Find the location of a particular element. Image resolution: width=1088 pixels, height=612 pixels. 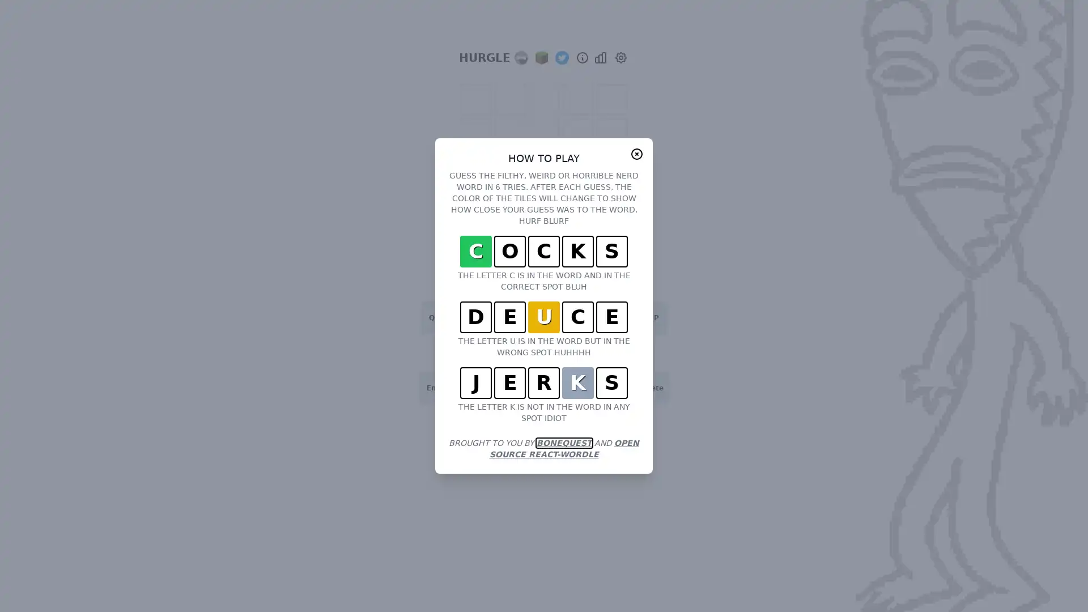

J is located at coordinates (593, 352).